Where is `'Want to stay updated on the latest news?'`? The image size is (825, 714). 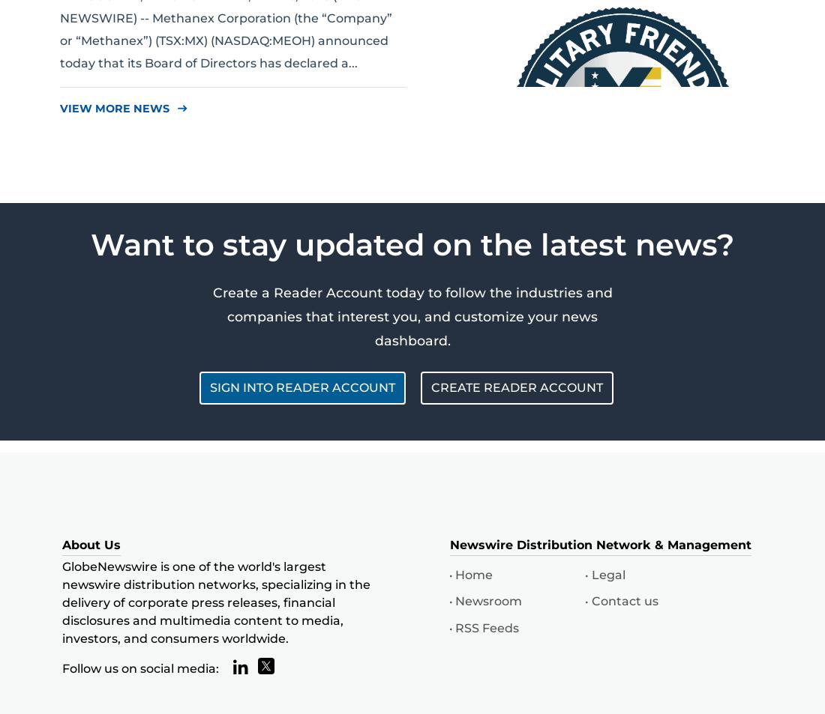 'Want to stay updated on the latest news?' is located at coordinates (412, 243).